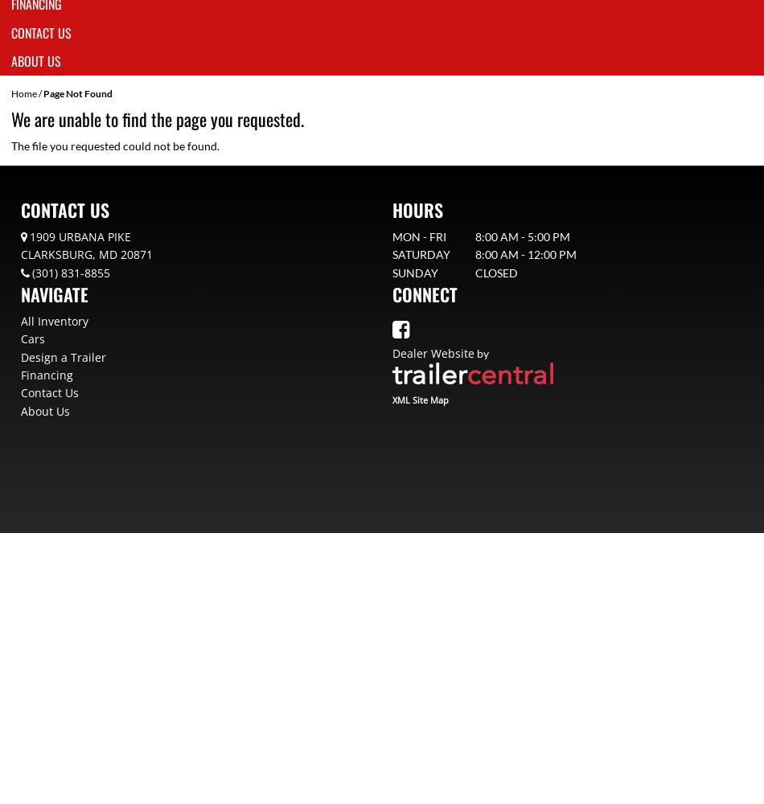  What do you see at coordinates (495, 271) in the screenshot?
I see `'Closed'` at bounding box center [495, 271].